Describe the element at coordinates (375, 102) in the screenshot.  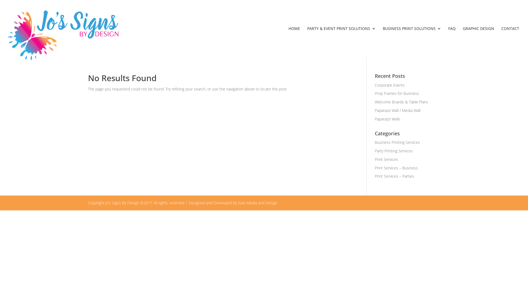
I see `'Welcome Boards & Table Plans'` at that location.